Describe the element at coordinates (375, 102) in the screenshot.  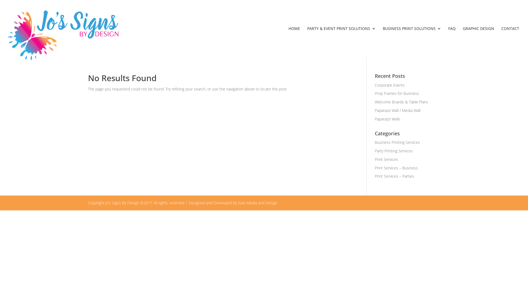
I see `'Welcome Boards & Table Plans'` at that location.